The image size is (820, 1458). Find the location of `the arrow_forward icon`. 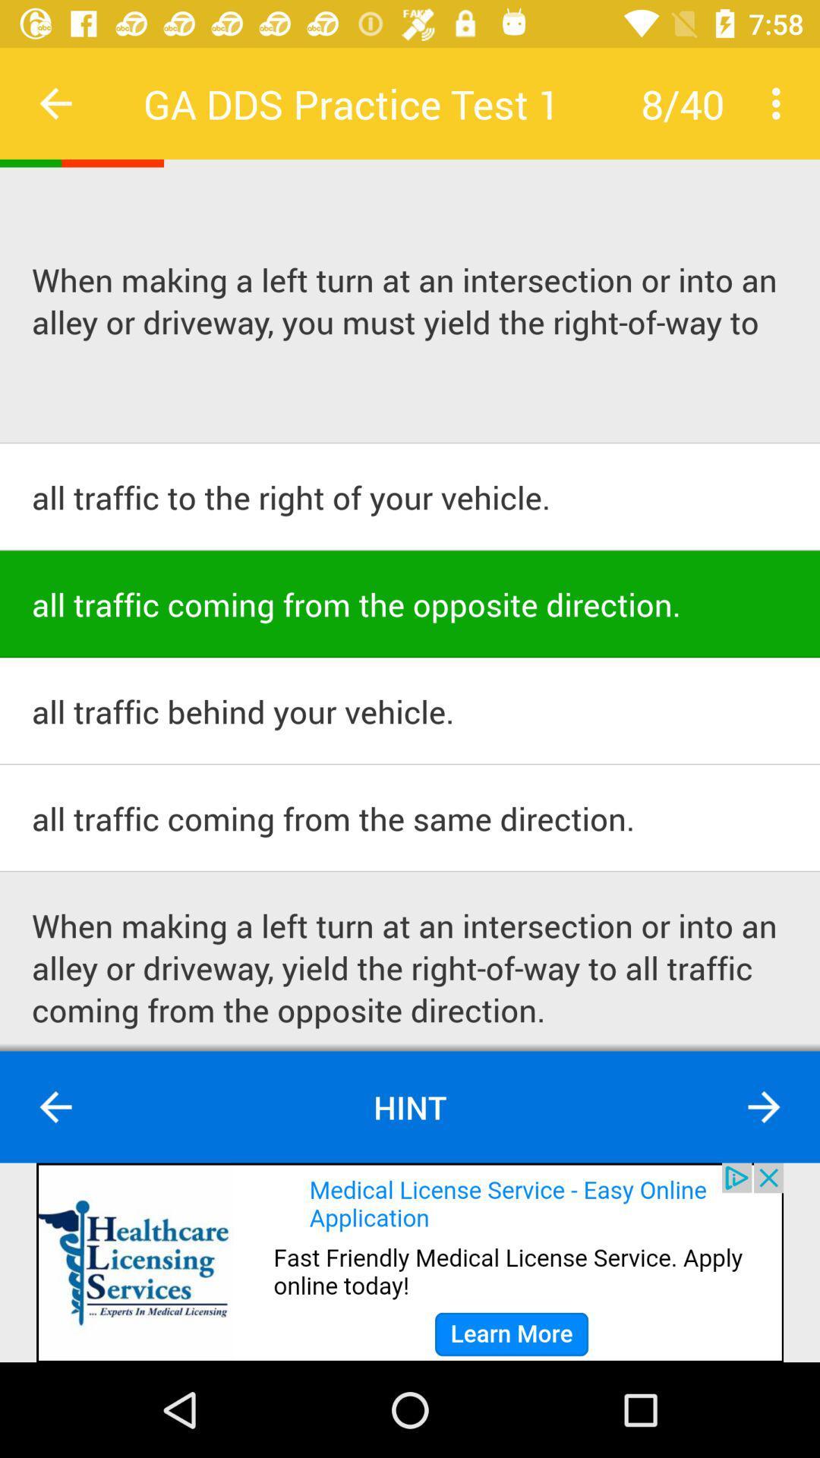

the arrow_forward icon is located at coordinates (764, 1107).